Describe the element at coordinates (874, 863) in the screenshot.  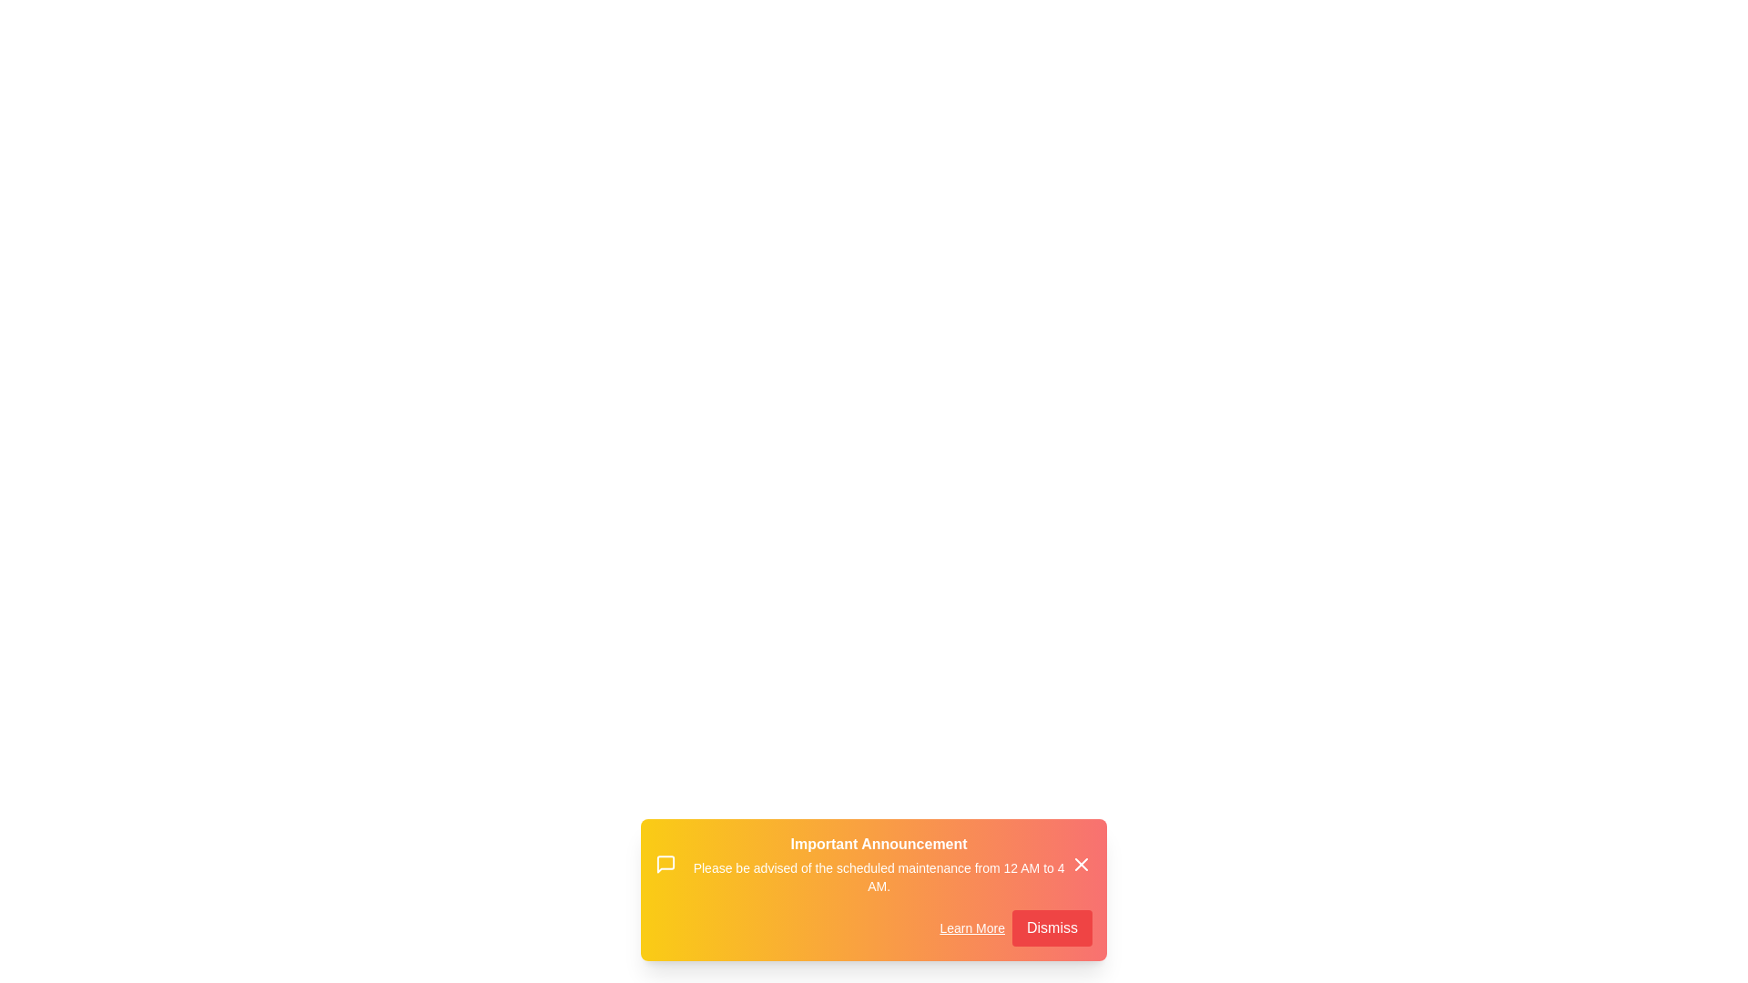
I see `notification displayed on the Notification Banner, which features a bold title 'Important Announcement' and informative text about scheduled maintenance` at that location.